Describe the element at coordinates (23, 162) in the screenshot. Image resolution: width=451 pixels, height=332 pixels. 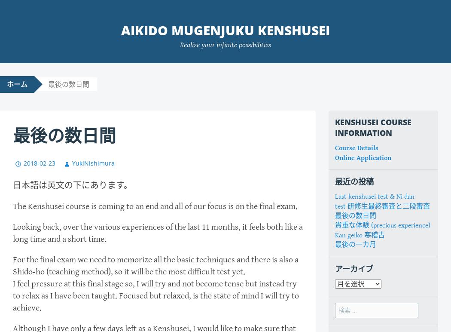
I see `'2018-02-23'` at that location.